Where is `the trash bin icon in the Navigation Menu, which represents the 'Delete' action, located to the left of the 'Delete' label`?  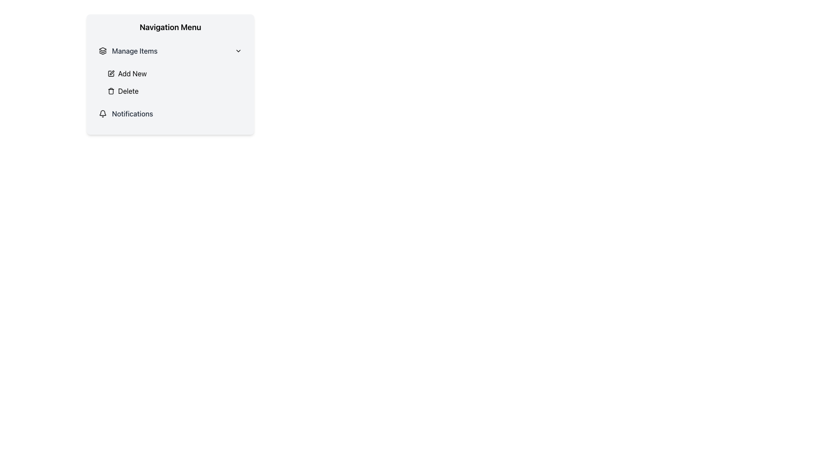
the trash bin icon in the Navigation Menu, which represents the 'Delete' action, located to the left of the 'Delete' label is located at coordinates (110, 91).